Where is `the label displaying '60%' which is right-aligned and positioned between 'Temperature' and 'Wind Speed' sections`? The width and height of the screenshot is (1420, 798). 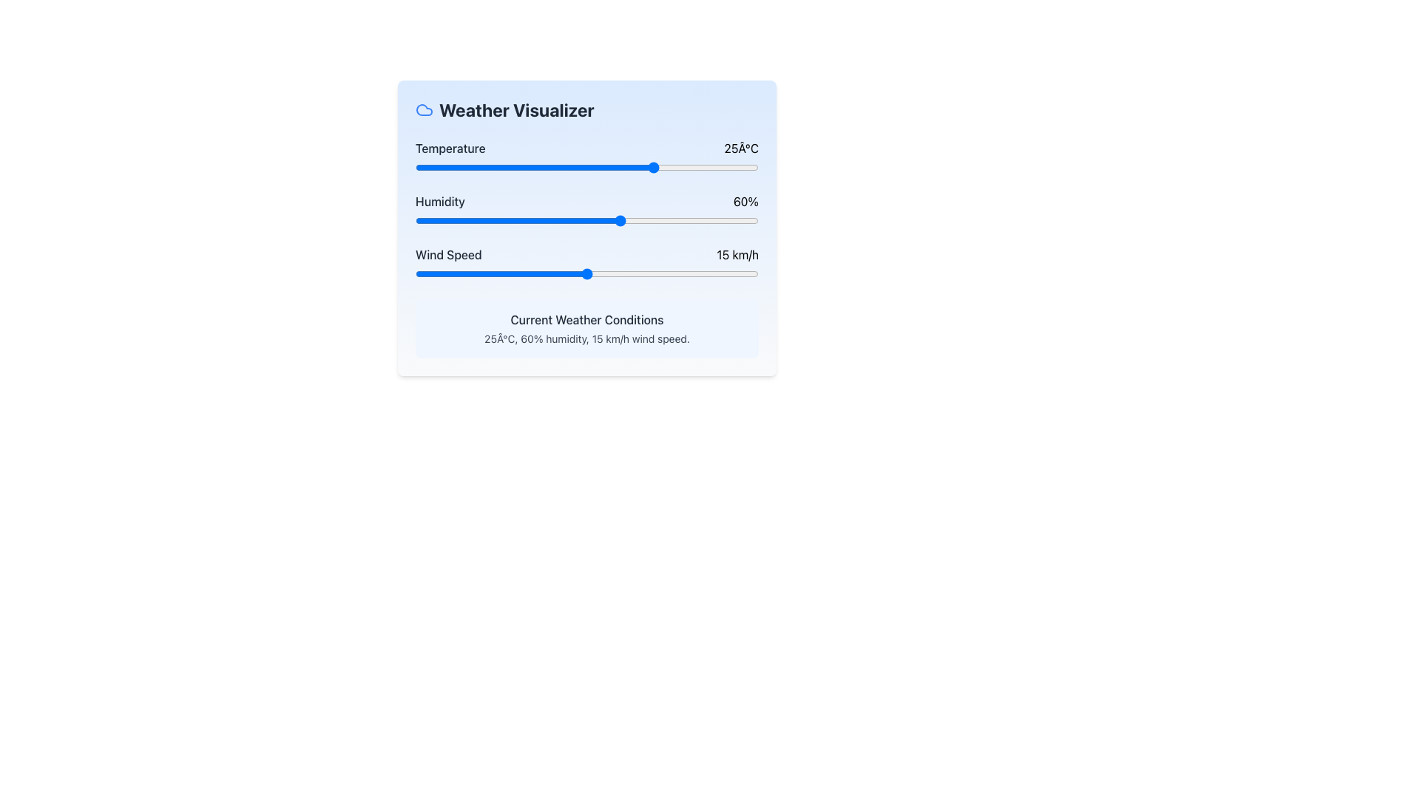
the label displaying '60%' which is right-aligned and positioned between 'Temperature' and 'Wind Speed' sections is located at coordinates (745, 202).